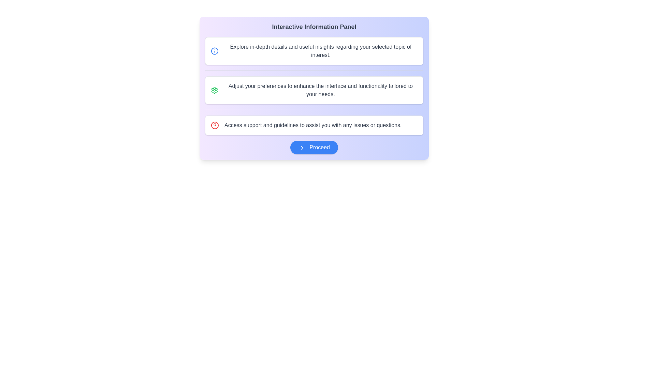 The width and height of the screenshot is (655, 368). Describe the element at coordinates (314, 51) in the screenshot. I see `the first Informational Card in the Interactive Information Panel, which features a blue circular information icon and gray text stating 'Explore in-depth details and useful insights regarding your selected topic of interest.'` at that location.